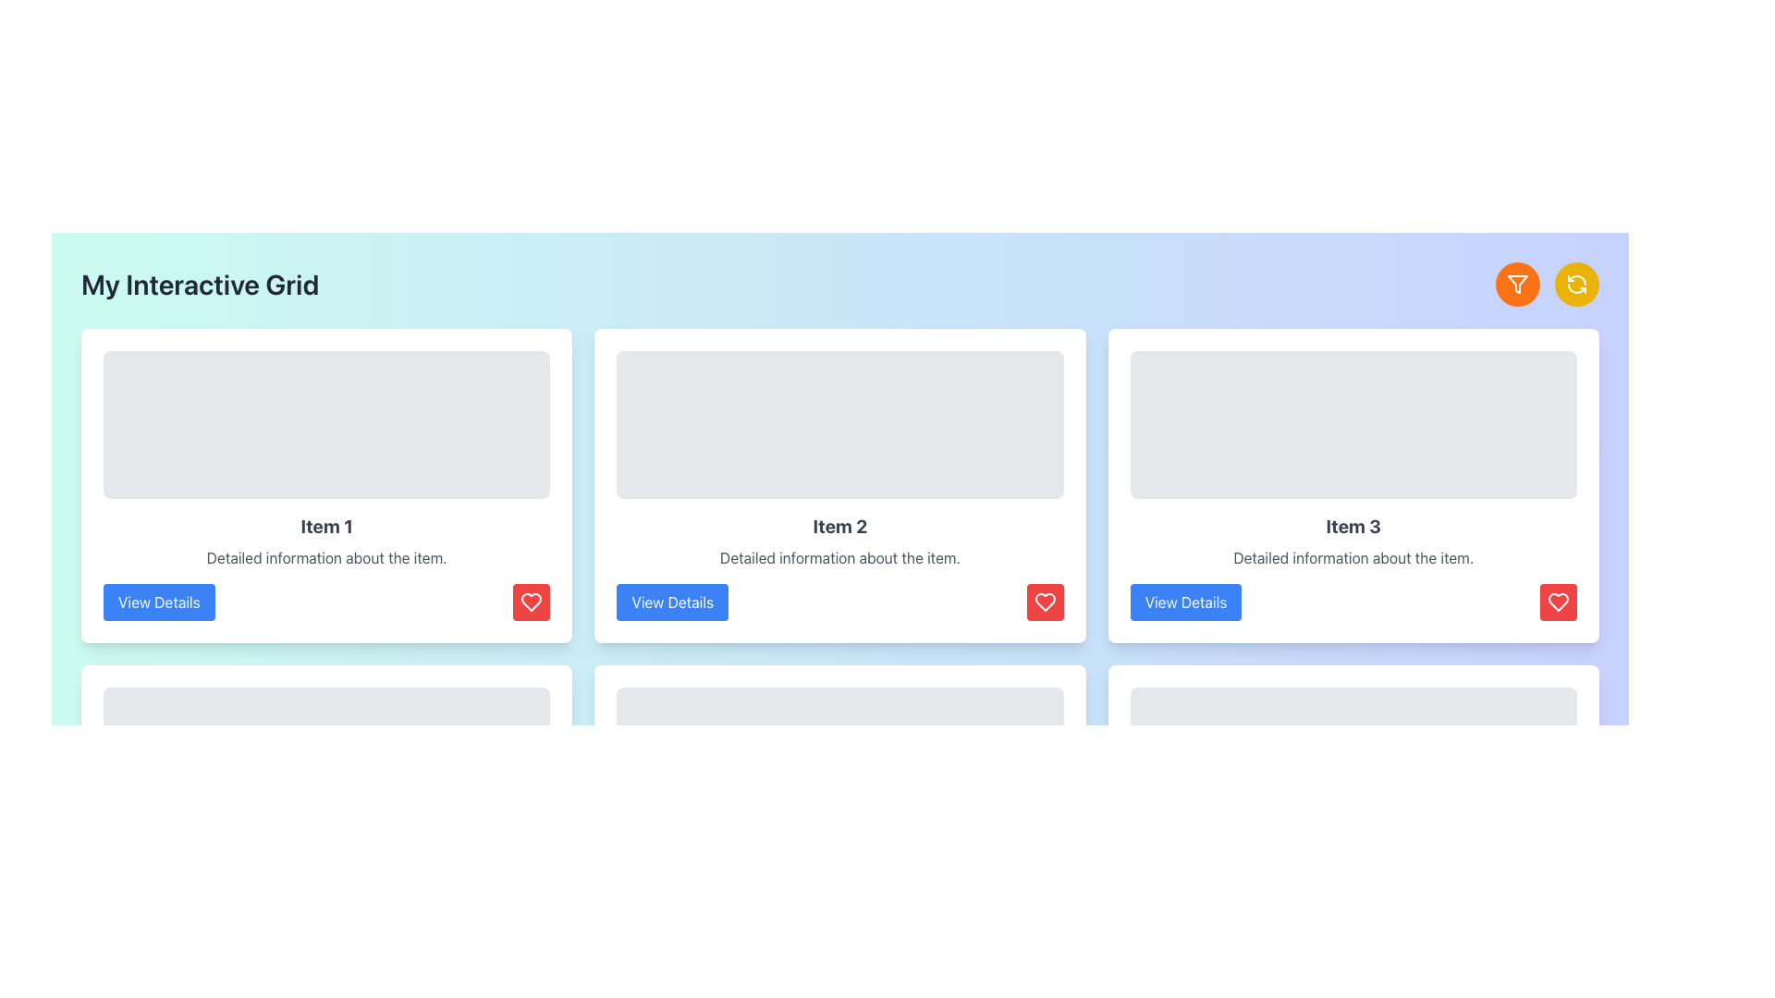 The width and height of the screenshot is (1775, 998). Describe the element at coordinates (1557, 602) in the screenshot. I see `the heart-shaped icon within the button on the third item card to mark the item as favorite` at that location.